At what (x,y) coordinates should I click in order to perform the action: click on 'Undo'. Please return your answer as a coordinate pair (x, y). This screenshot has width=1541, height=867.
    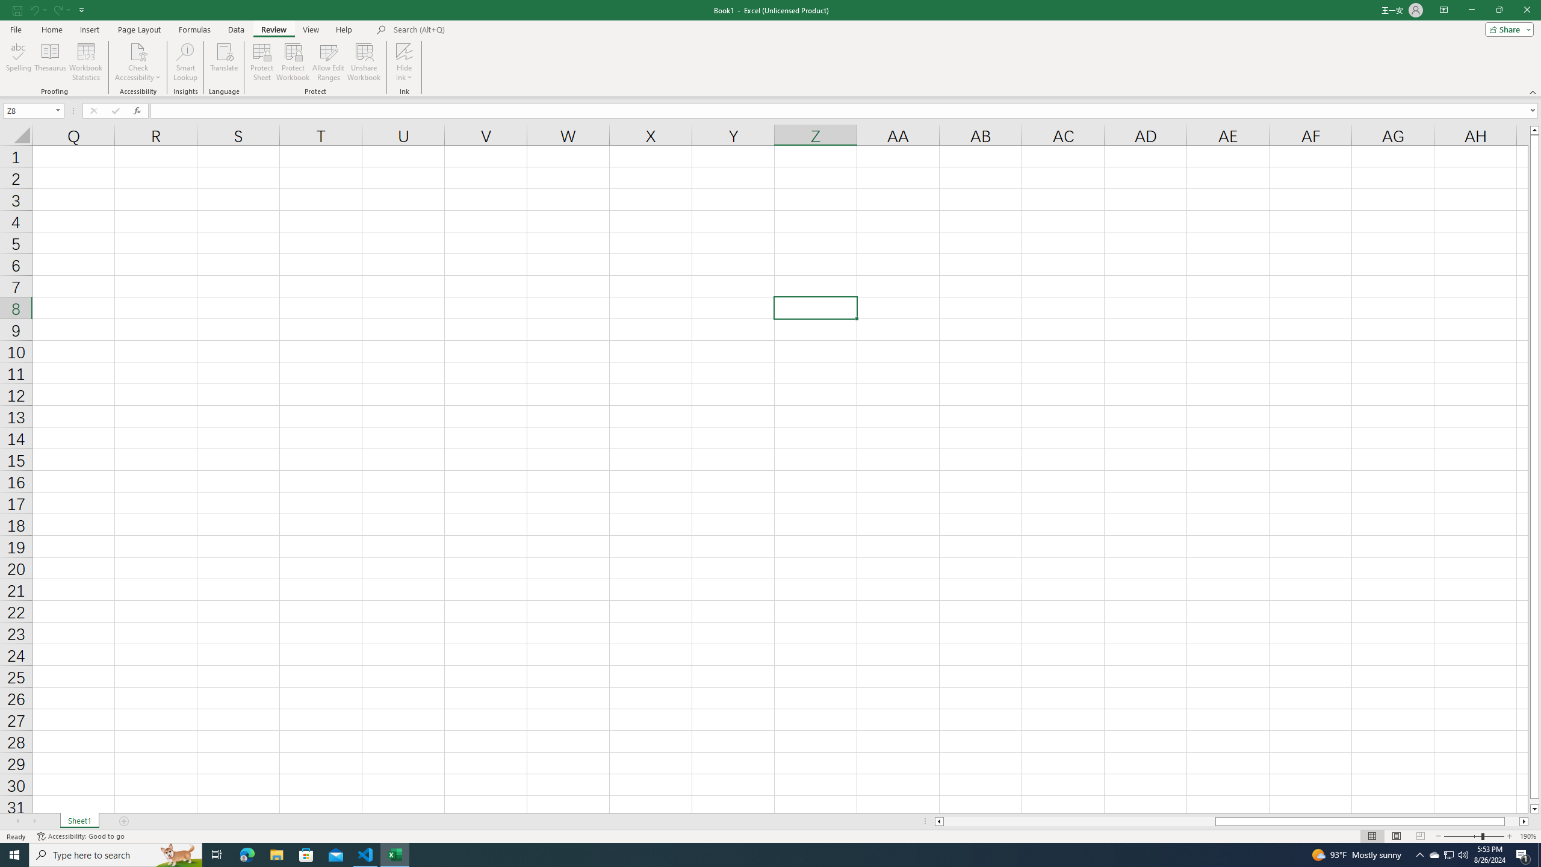
    Looking at the image, I should click on (37, 9).